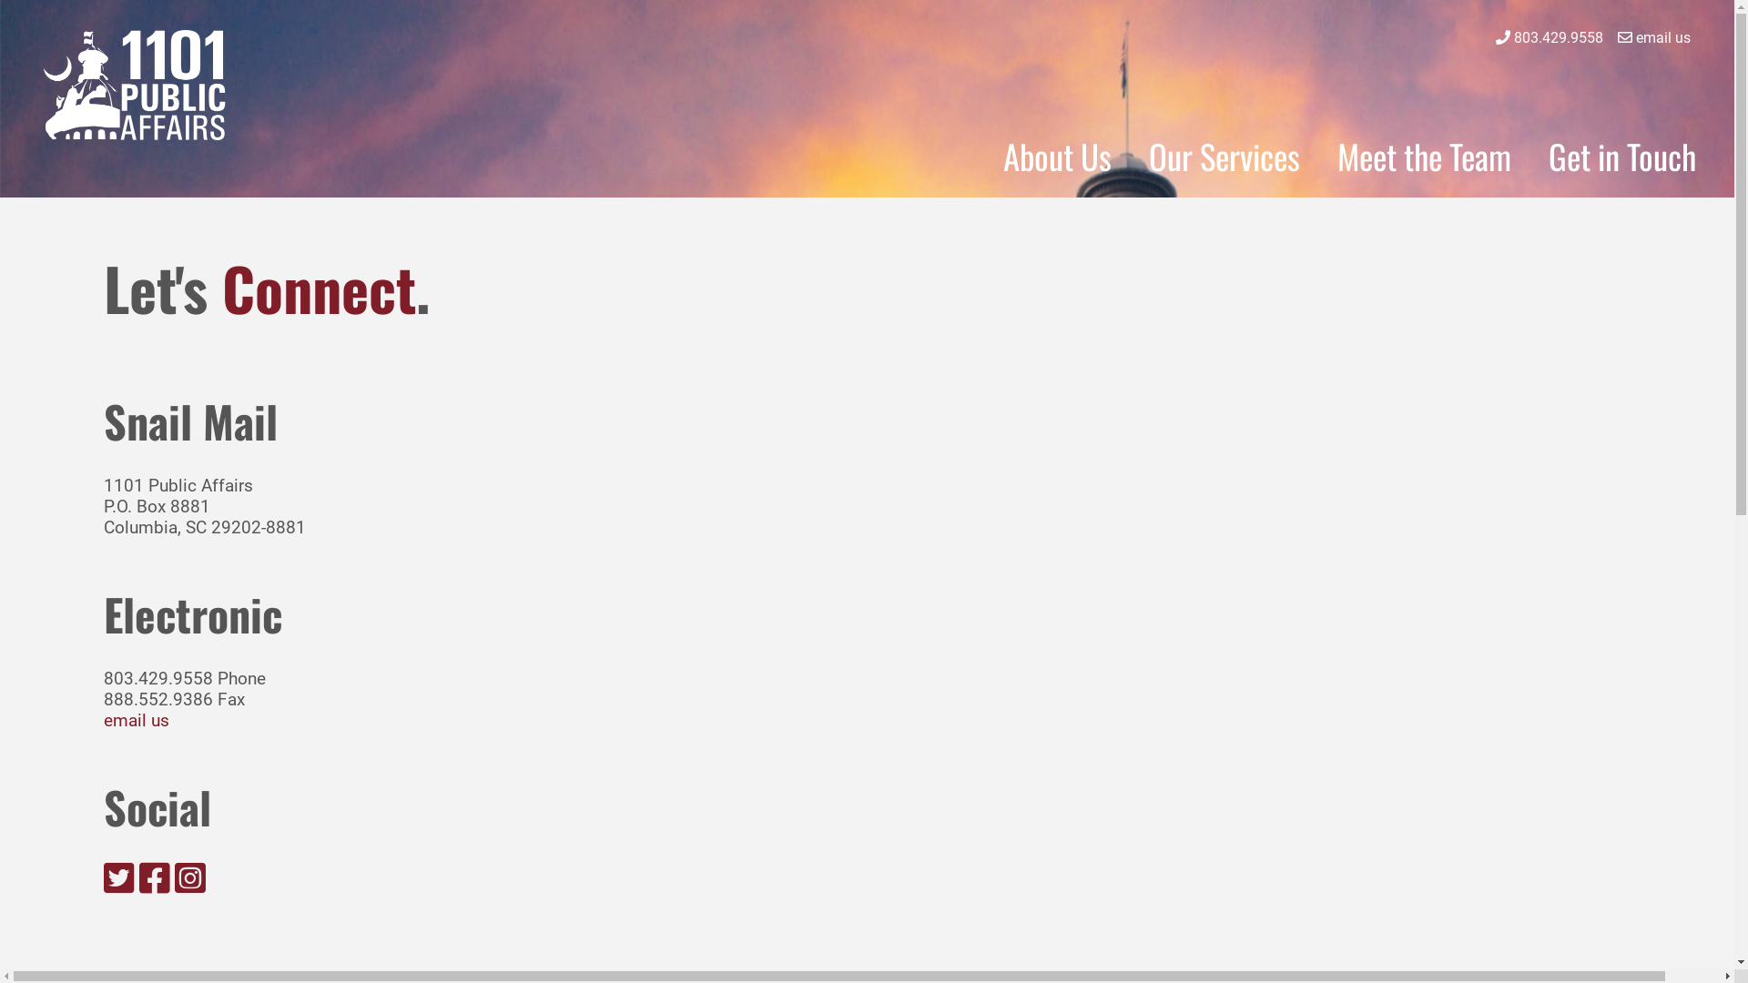 The image size is (1748, 983). Describe the element at coordinates (1057, 155) in the screenshot. I see `'About Us'` at that location.